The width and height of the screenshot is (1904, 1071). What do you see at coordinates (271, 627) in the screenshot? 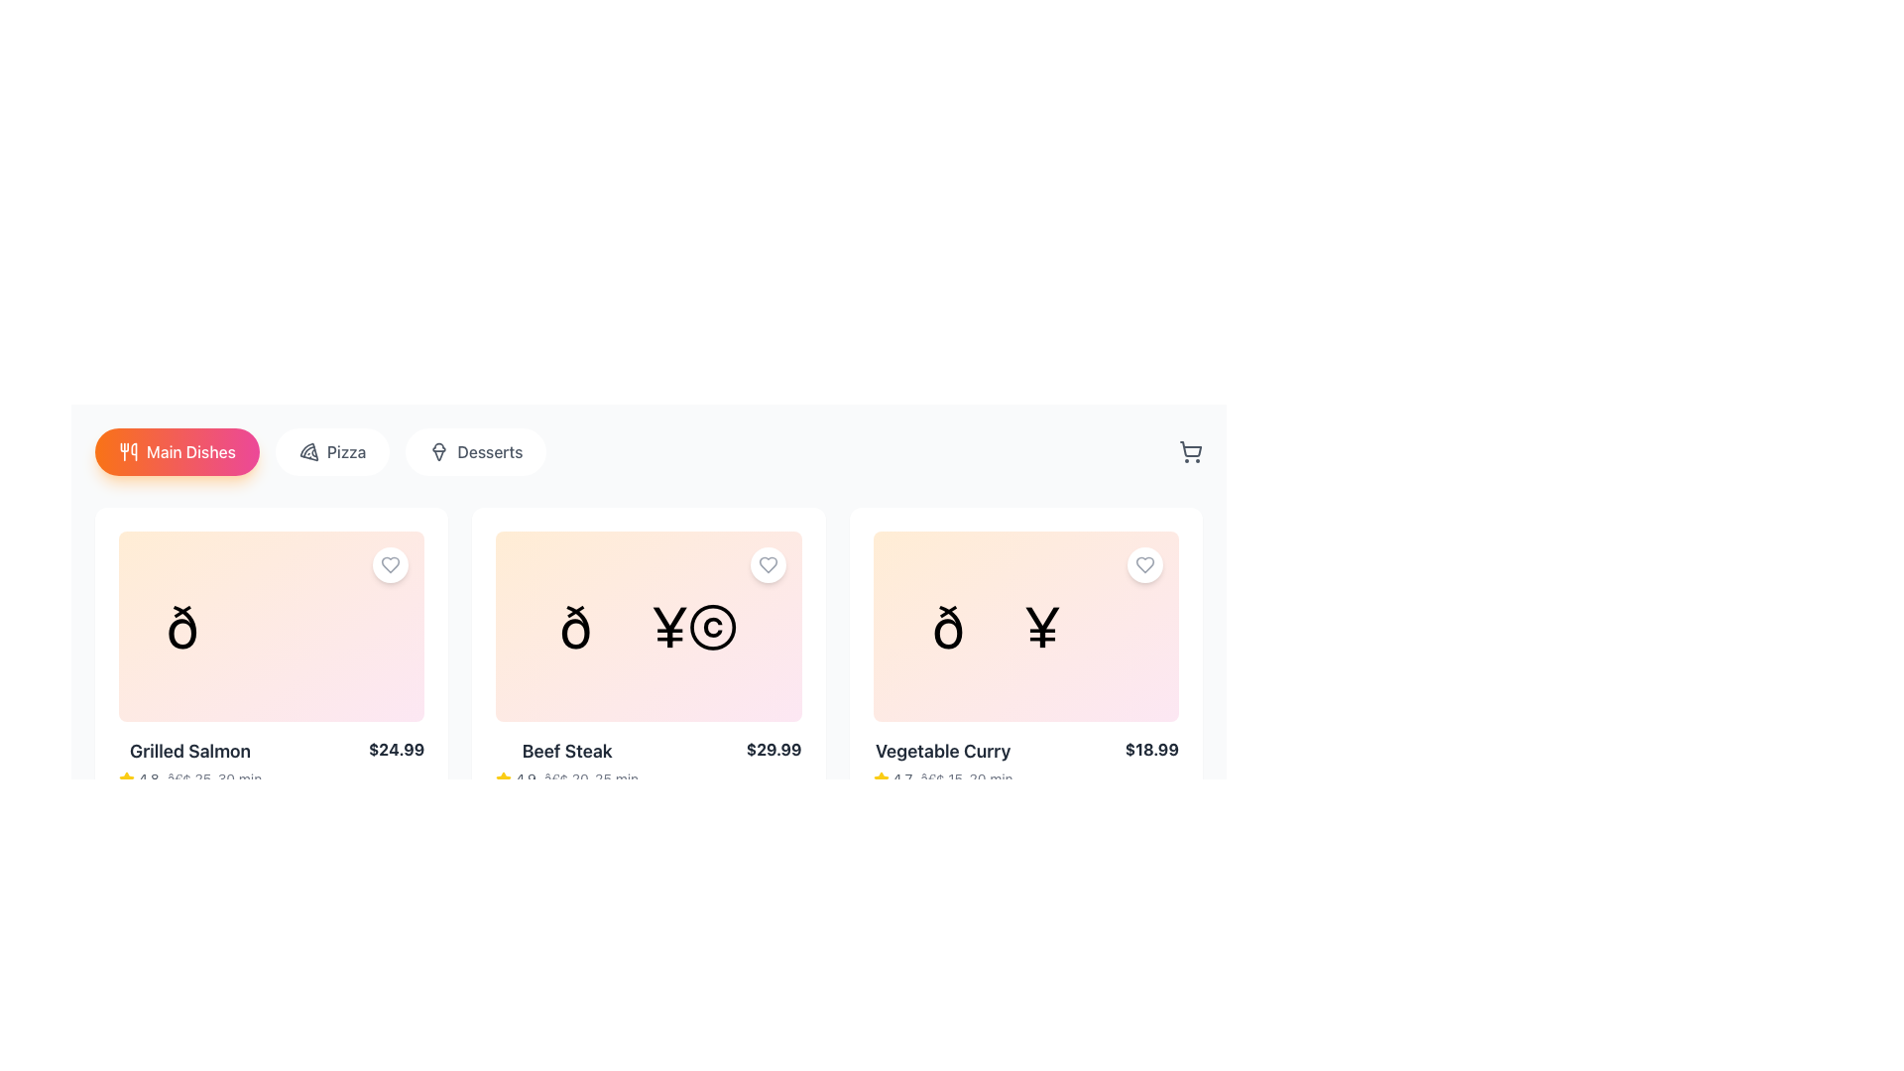
I see `the prominently displayed animal face symbol in bold black font, which is centered within a gradient background of soft orange and pink hues, located in the top-central area of the leftmost card corresponding to 'Grilled Salmon'` at bounding box center [271, 627].